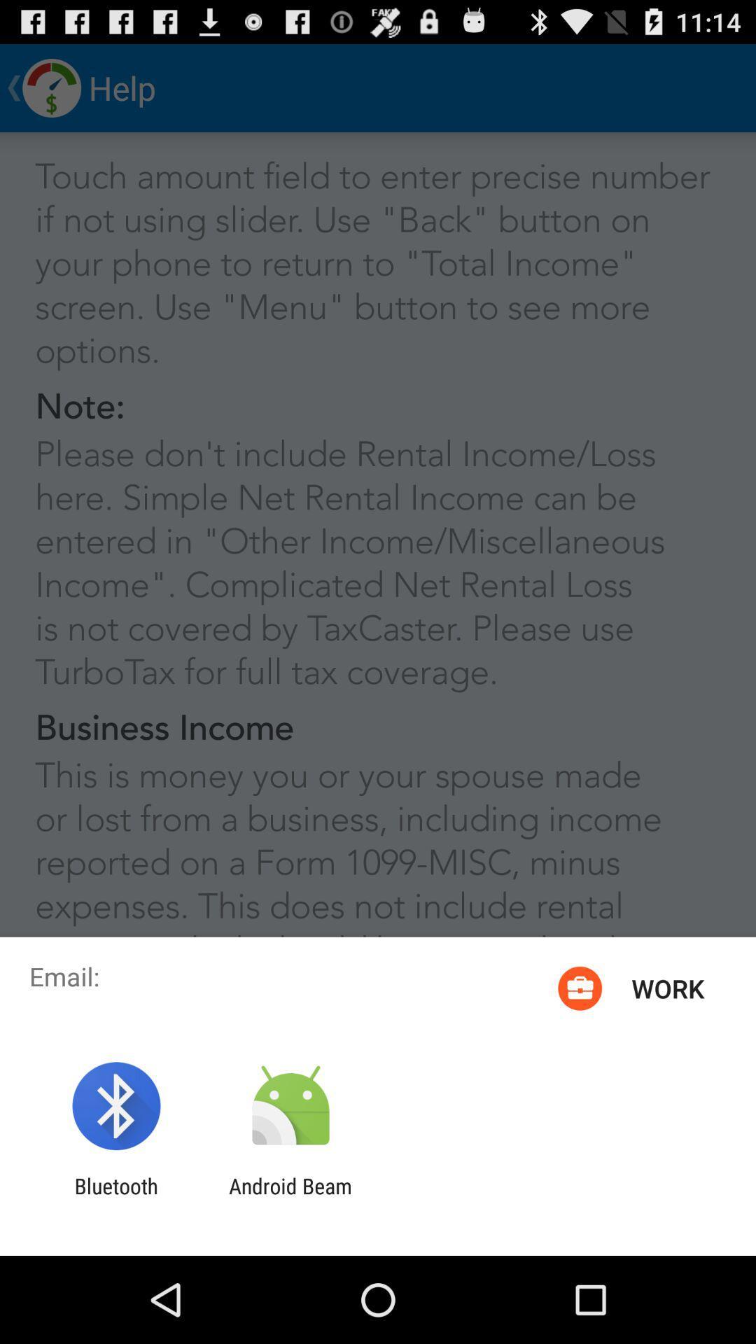  What do you see at coordinates (115, 1198) in the screenshot?
I see `the bluetooth icon` at bounding box center [115, 1198].